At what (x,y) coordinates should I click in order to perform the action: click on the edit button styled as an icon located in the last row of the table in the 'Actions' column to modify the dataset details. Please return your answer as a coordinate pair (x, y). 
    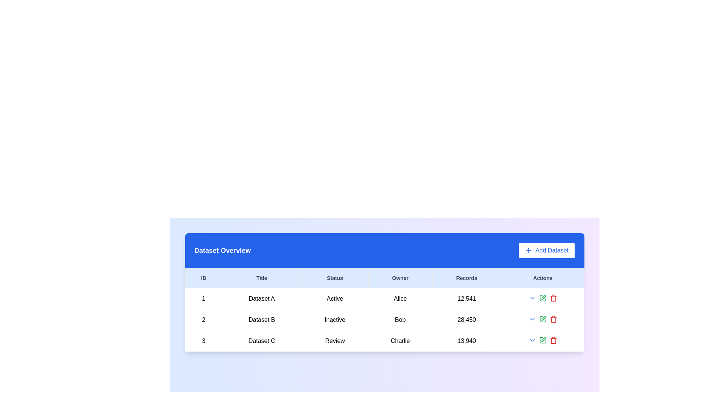
    Looking at the image, I should click on (543, 340).